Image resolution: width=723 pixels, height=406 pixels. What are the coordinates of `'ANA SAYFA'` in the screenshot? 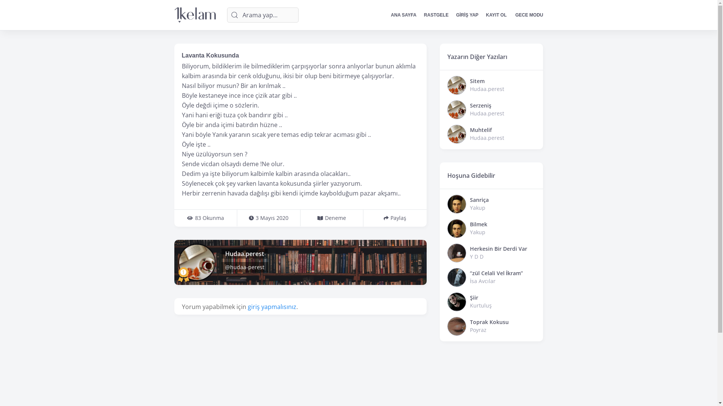 It's located at (403, 15).